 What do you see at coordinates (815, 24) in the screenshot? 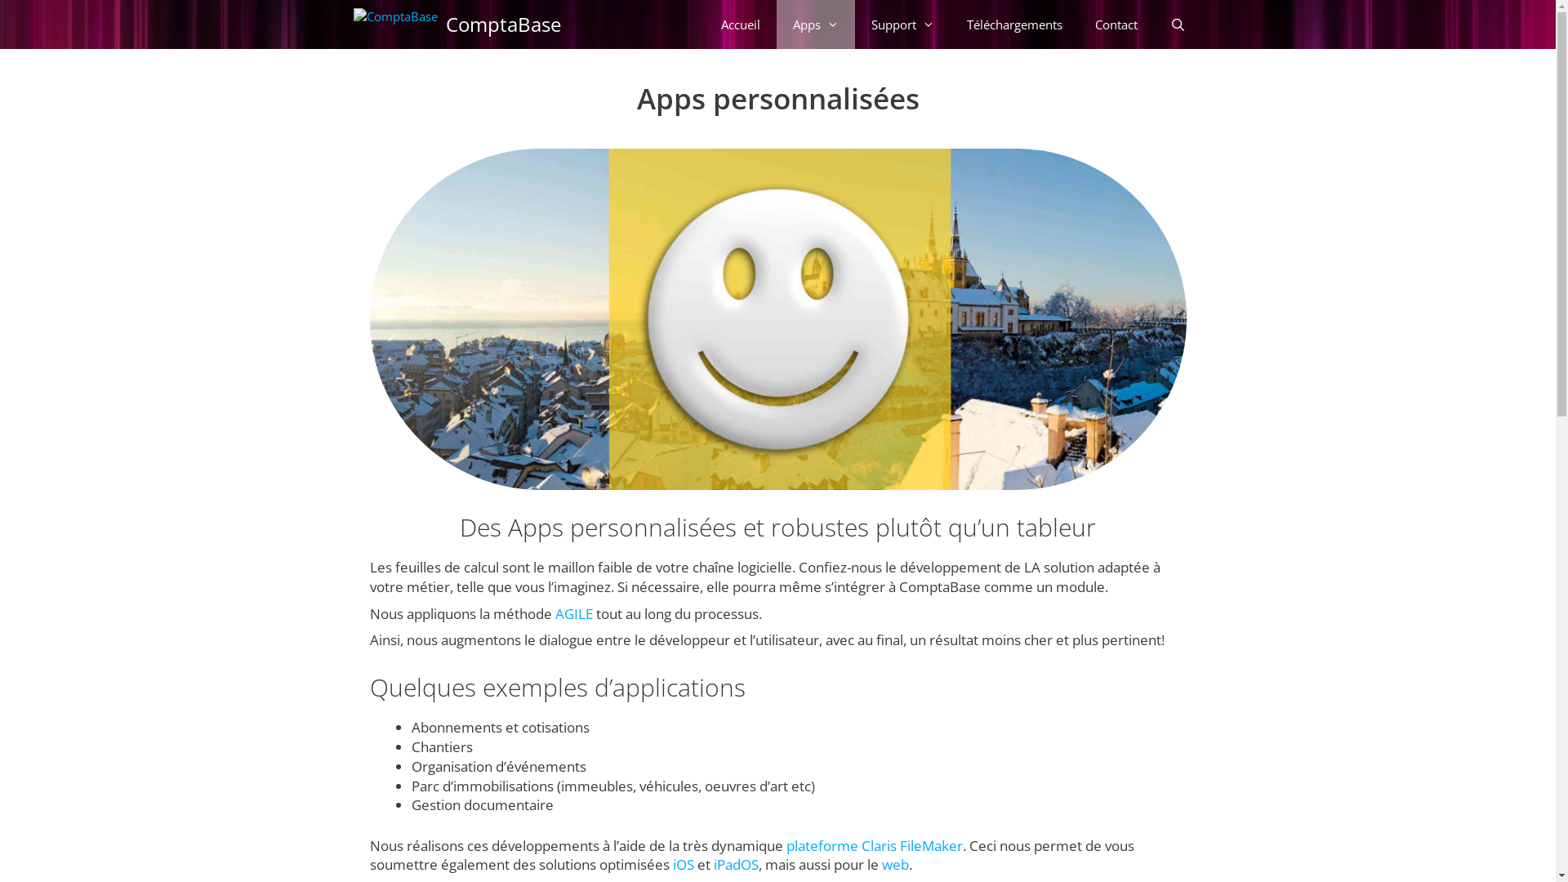
I see `'Apps'` at bounding box center [815, 24].